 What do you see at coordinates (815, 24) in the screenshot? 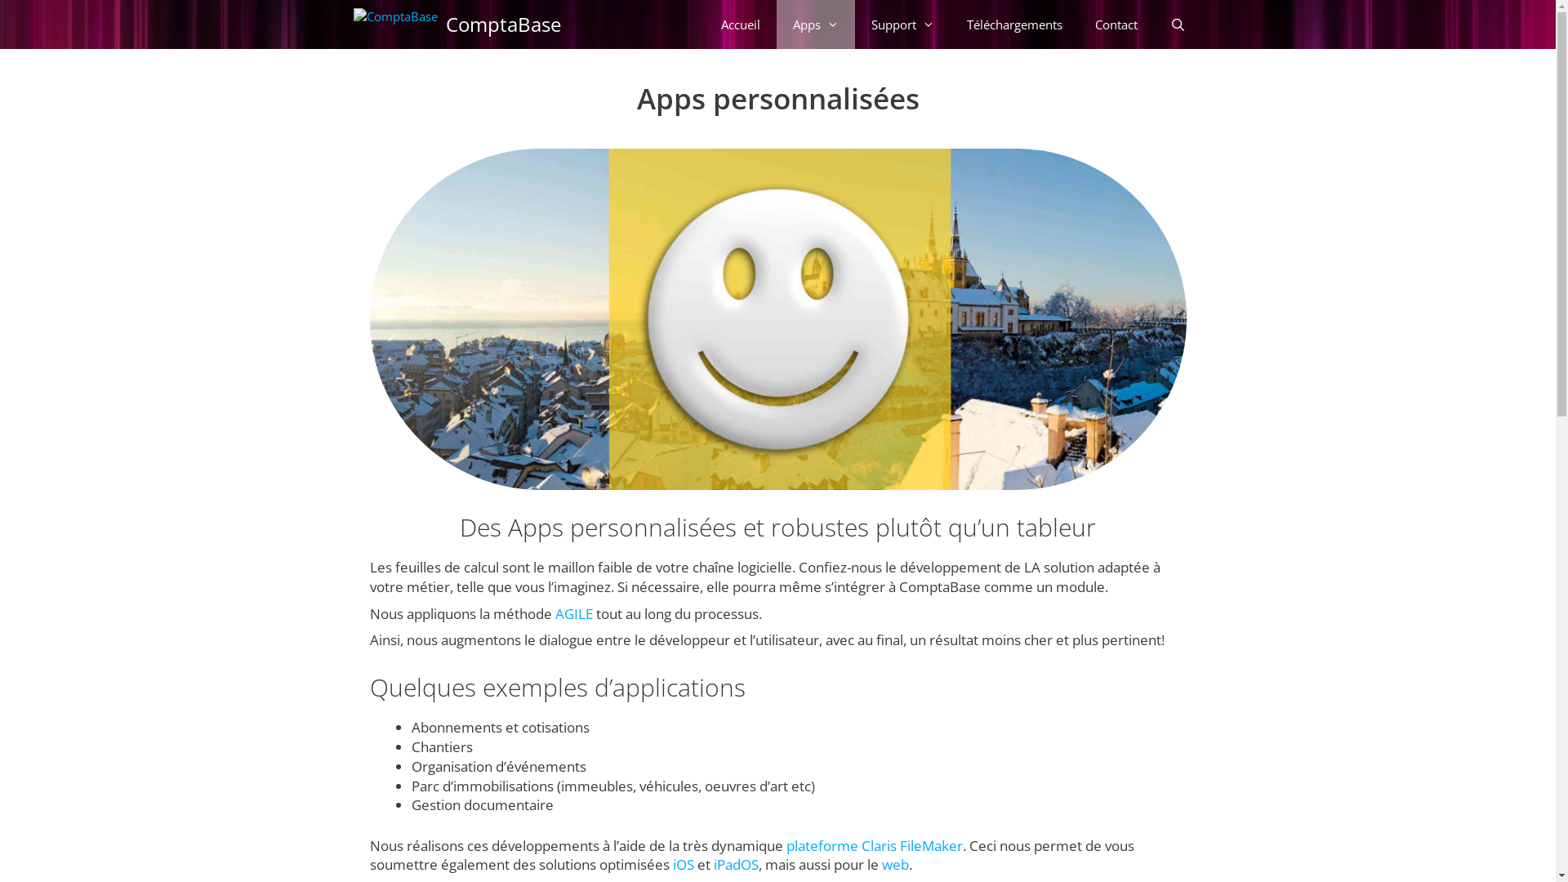
I see `'Apps'` at bounding box center [815, 24].